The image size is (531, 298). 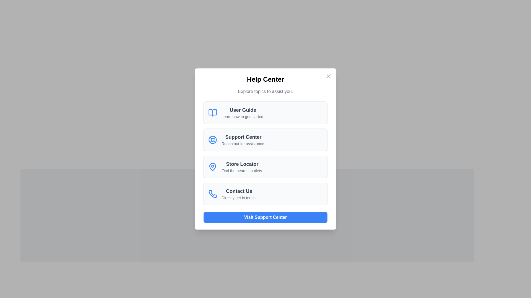 What do you see at coordinates (212, 193) in the screenshot?
I see `or modify the SVG properties of the 'Contact Us' icon located to the left of the text in the fourth entry of the Help Center interface` at bounding box center [212, 193].